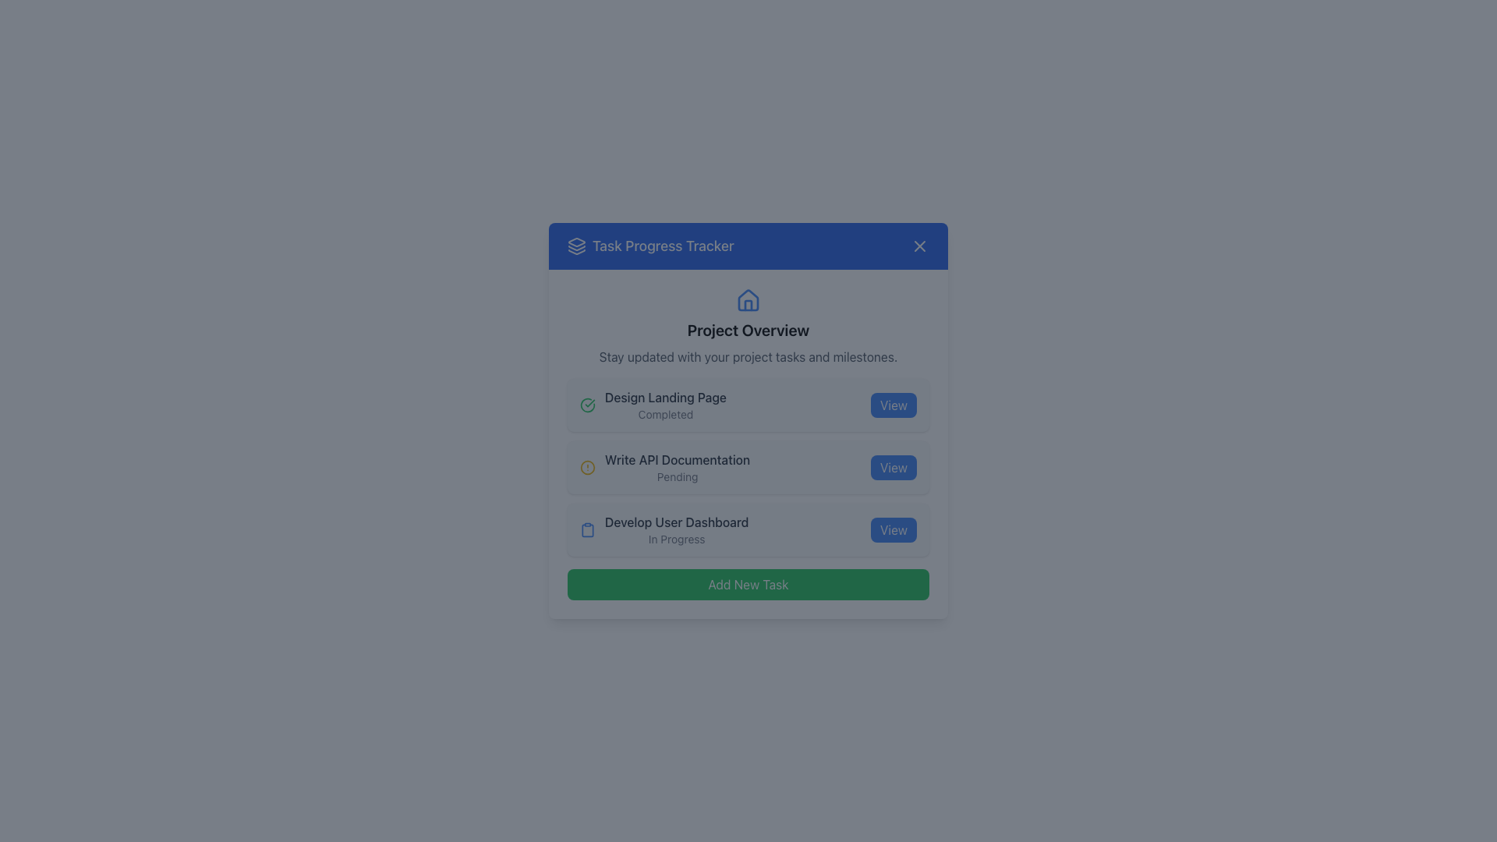 The image size is (1497, 842). What do you see at coordinates (748, 357) in the screenshot?
I see `the descriptive informational text element located below the 'Project Overview' title and above the list of project task items` at bounding box center [748, 357].